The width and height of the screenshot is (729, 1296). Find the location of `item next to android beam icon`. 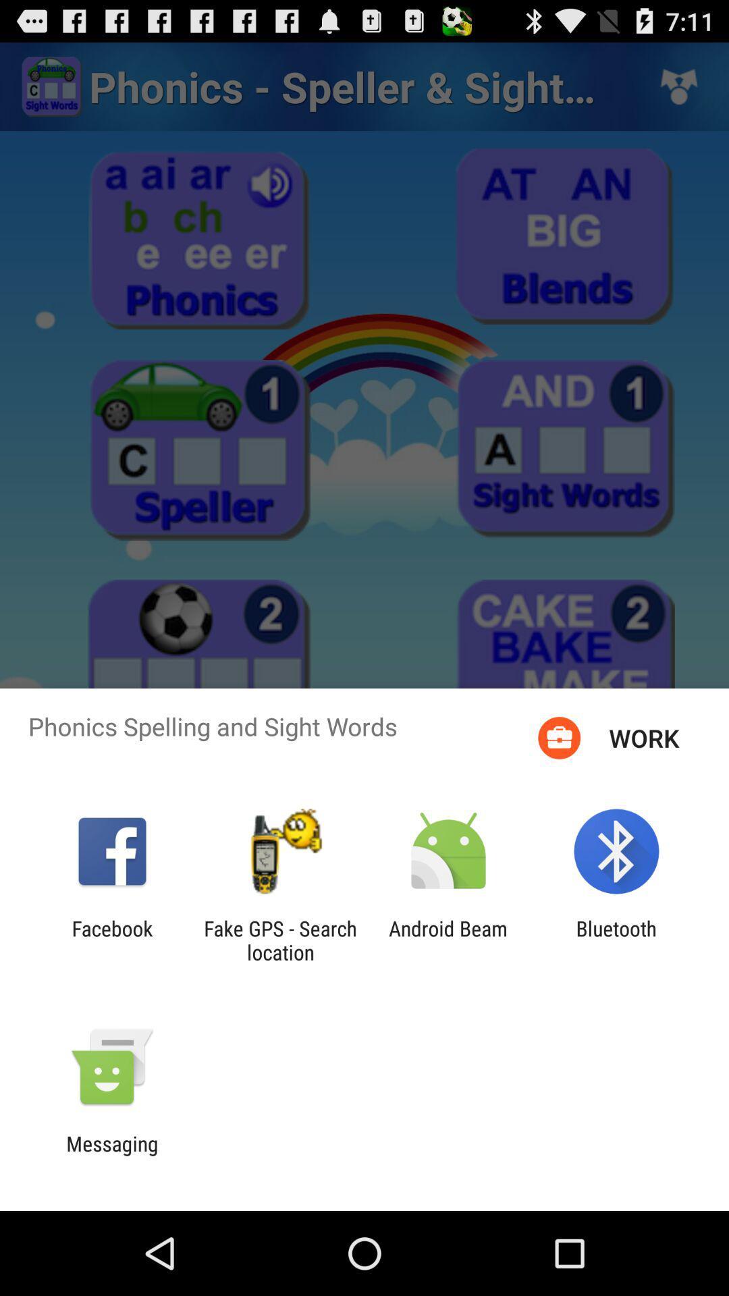

item next to android beam icon is located at coordinates (279, 940).